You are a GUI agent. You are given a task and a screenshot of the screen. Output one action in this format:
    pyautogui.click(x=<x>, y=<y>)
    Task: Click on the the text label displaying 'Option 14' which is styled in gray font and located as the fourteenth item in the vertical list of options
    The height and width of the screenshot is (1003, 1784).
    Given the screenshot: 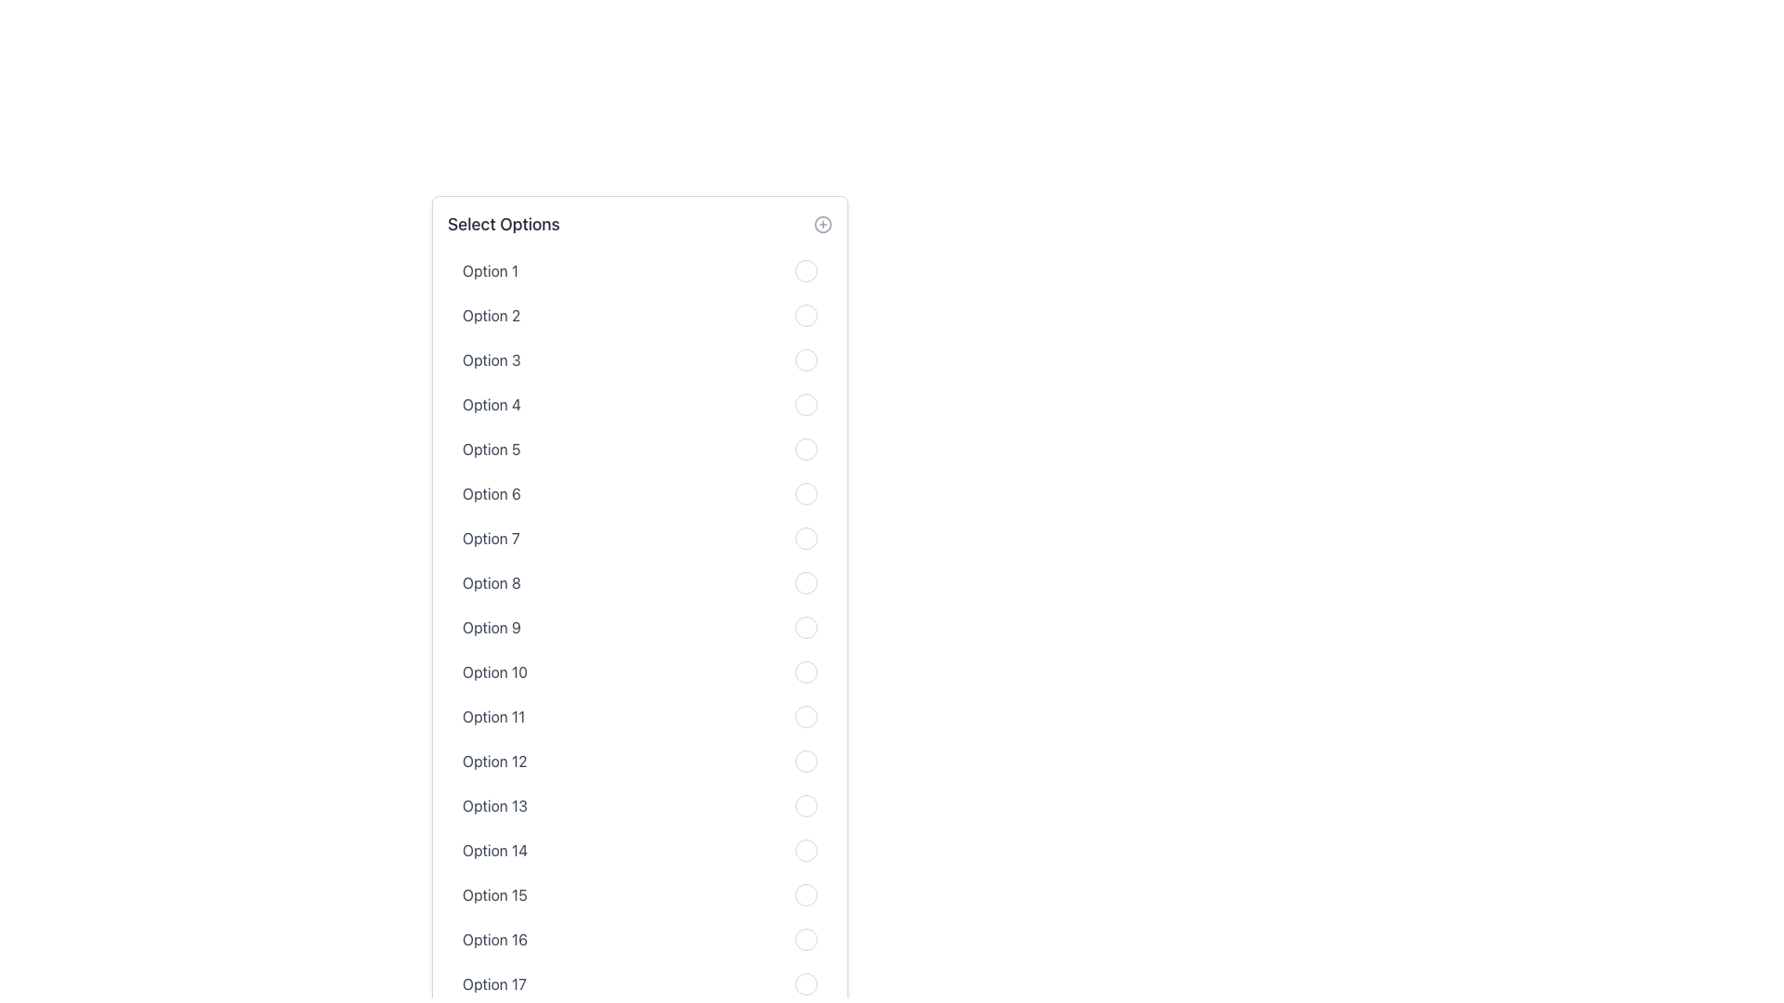 What is the action you would take?
    pyautogui.click(x=494, y=850)
    